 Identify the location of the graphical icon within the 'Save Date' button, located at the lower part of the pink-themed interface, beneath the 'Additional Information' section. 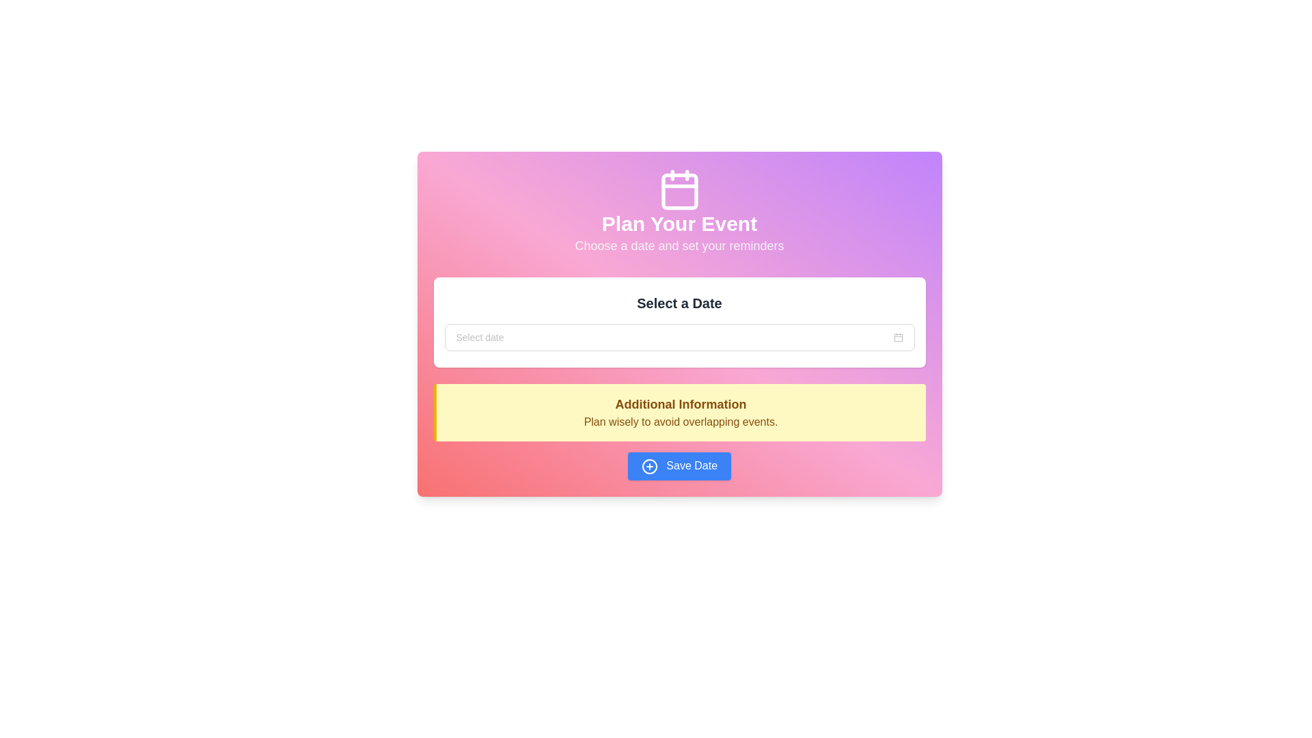
(648, 465).